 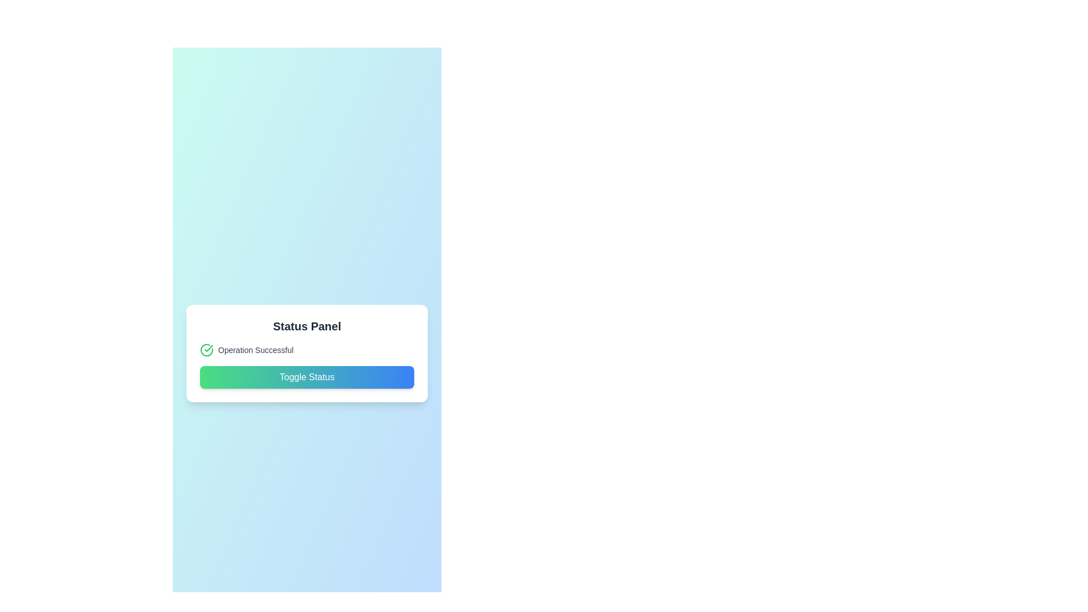 What do you see at coordinates (209, 347) in the screenshot?
I see `the green checkmark icon indicating a successful operation in the Status Panel located at the top-center of the card` at bounding box center [209, 347].